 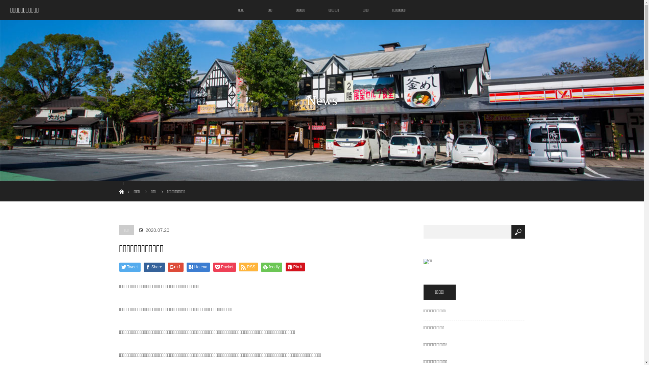 What do you see at coordinates (119, 267) in the screenshot?
I see `'Tweet'` at bounding box center [119, 267].